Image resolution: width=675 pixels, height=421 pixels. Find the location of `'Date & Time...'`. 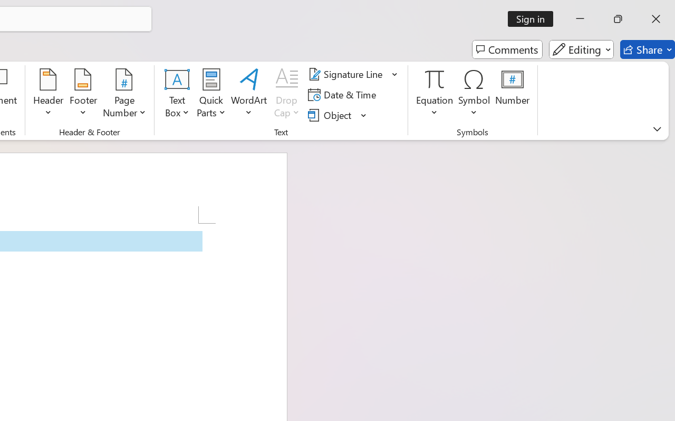

'Date & Time...' is located at coordinates (344, 94).